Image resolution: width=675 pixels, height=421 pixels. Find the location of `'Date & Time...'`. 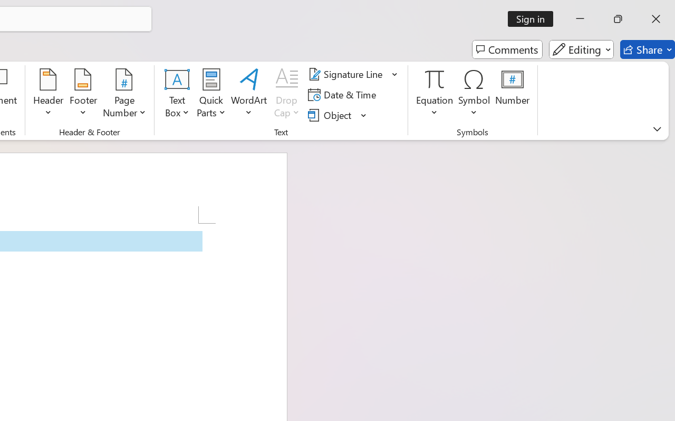

'Date & Time...' is located at coordinates (344, 94).